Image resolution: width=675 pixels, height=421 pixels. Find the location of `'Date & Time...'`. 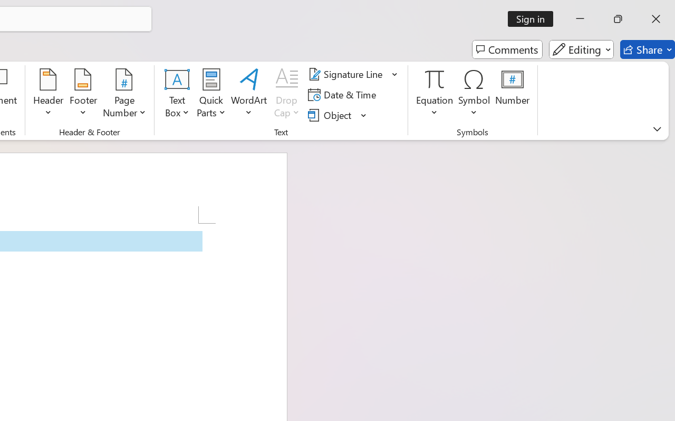

'Date & Time...' is located at coordinates (344, 94).